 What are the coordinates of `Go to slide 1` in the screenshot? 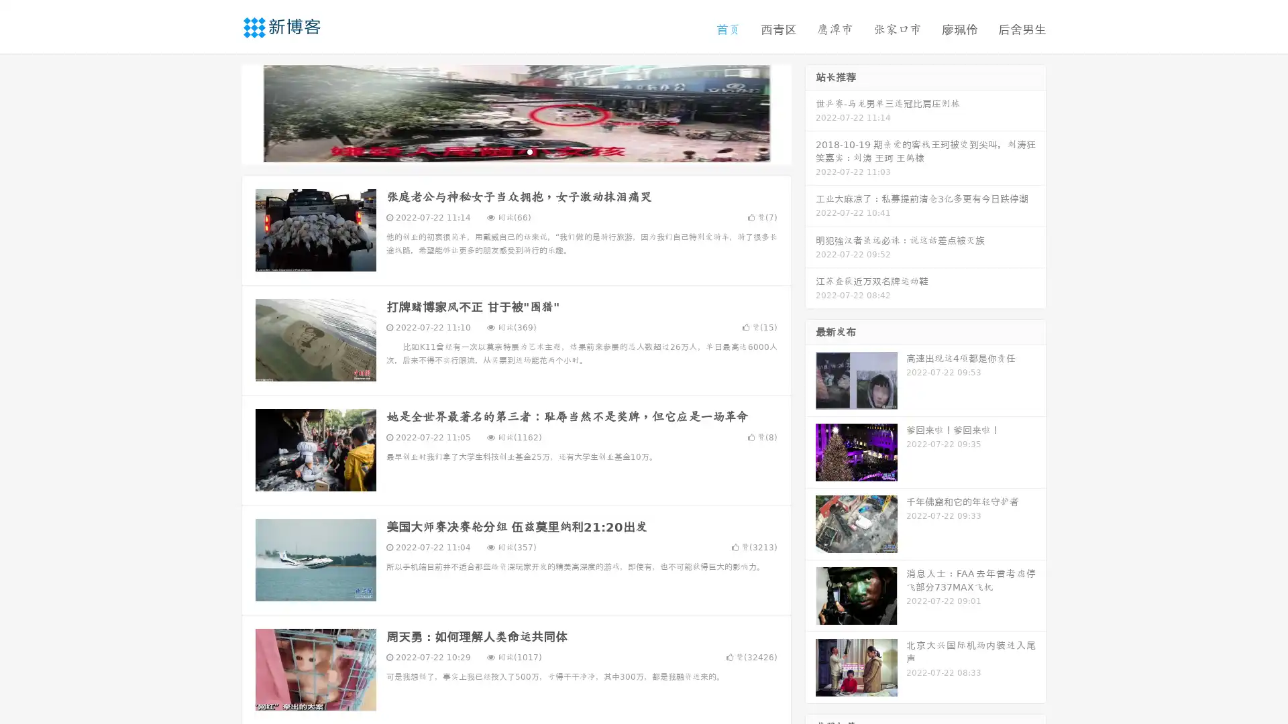 It's located at (502, 151).